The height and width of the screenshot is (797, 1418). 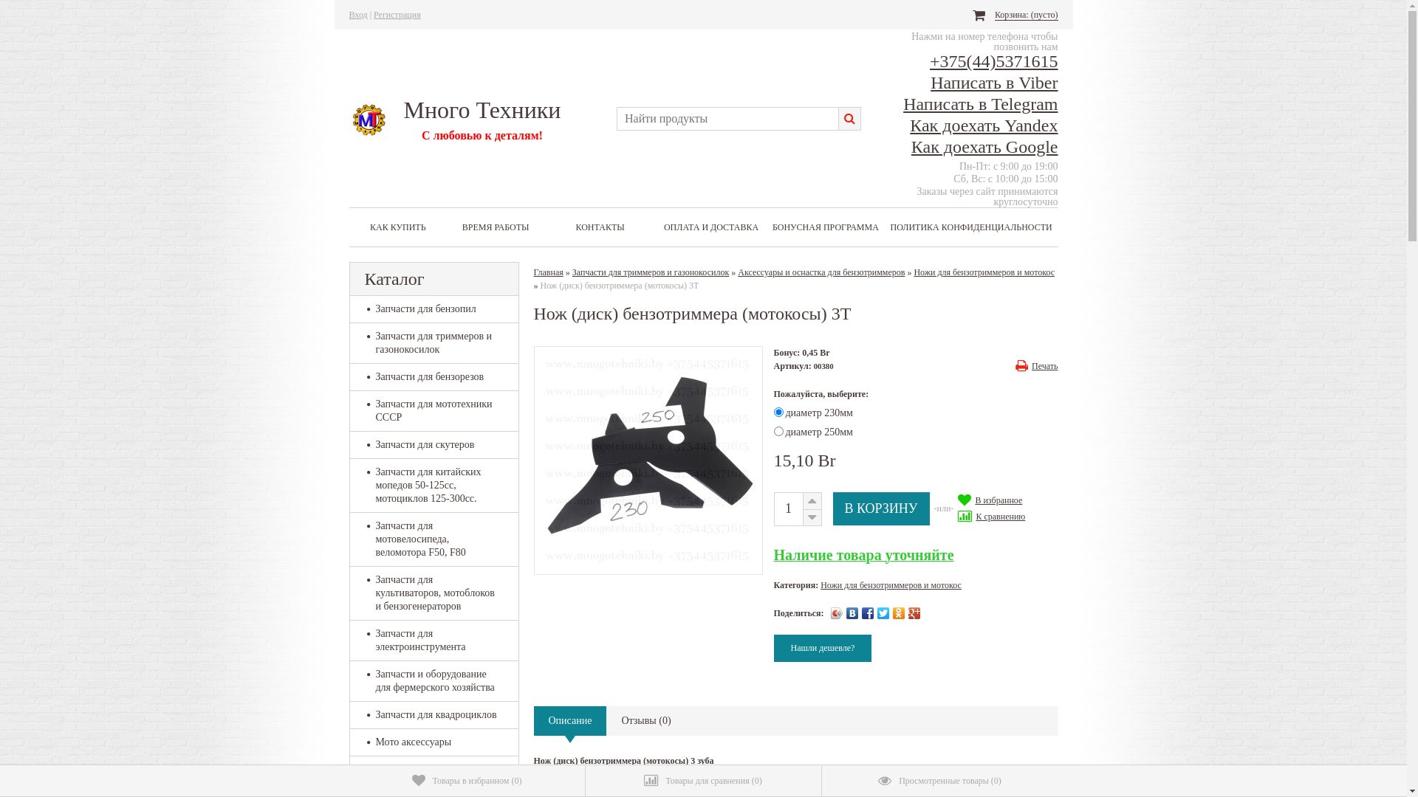 I want to click on 'Facebook', so click(x=868, y=613).